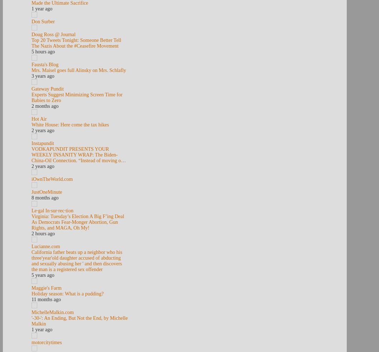 This screenshot has width=379, height=352. Describe the element at coordinates (77, 97) in the screenshot. I see `'Experts Suggest Minimizing Screen Time for Babies to Zero'` at that location.